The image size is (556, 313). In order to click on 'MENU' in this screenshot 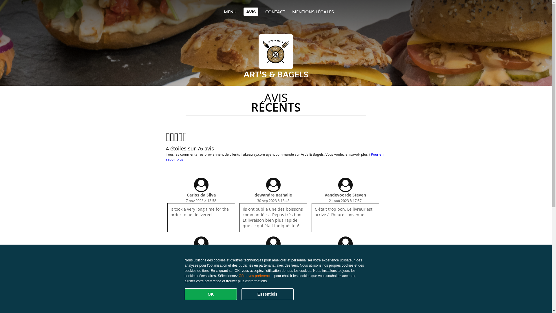, I will do `click(229, 12)`.